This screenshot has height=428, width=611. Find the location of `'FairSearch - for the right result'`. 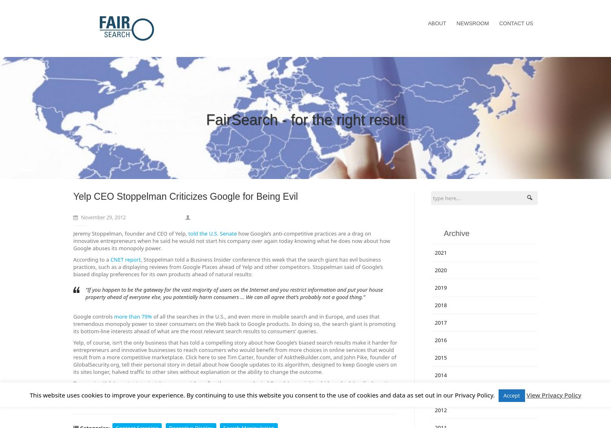

'FairSearch - for the right result' is located at coordinates (206, 120).